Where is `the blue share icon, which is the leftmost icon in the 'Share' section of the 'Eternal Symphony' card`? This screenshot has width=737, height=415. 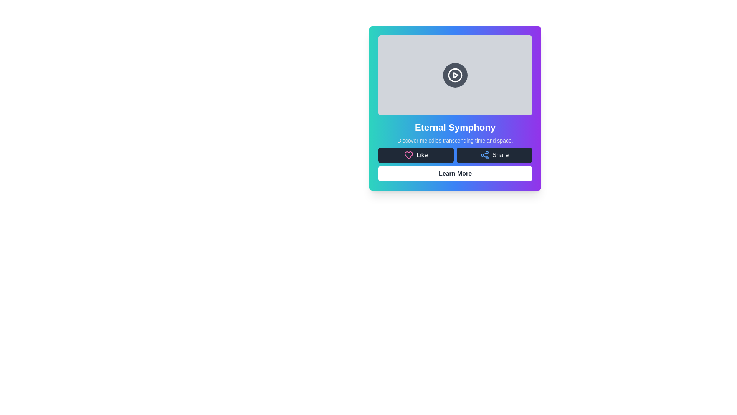 the blue share icon, which is the leftmost icon in the 'Share' section of the 'Eternal Symphony' card is located at coordinates (484, 155).